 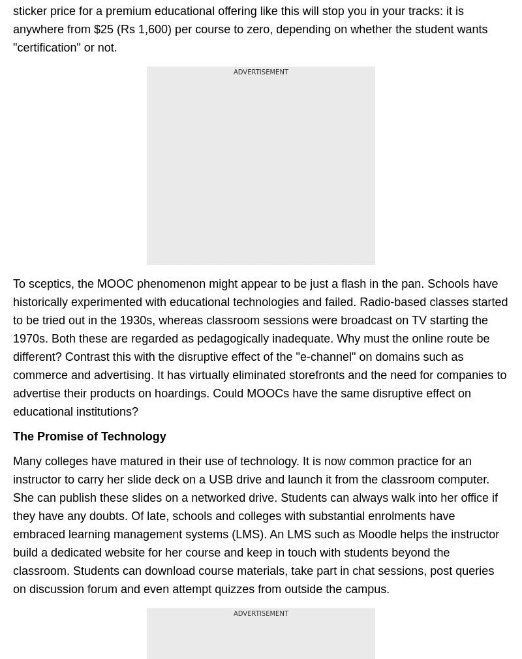 I want to click on 'BT Bazaar', so click(x=284, y=89).